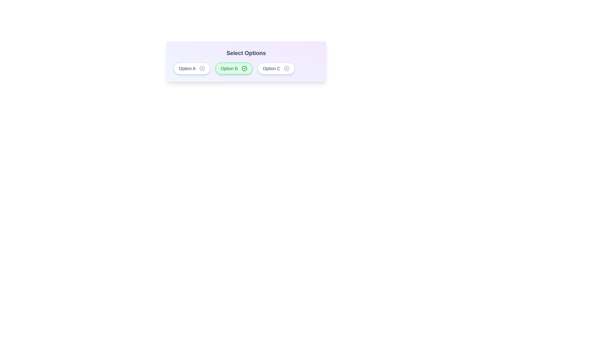 Image resolution: width=601 pixels, height=338 pixels. Describe the element at coordinates (276, 69) in the screenshot. I see `the chip labeled Option C` at that location.